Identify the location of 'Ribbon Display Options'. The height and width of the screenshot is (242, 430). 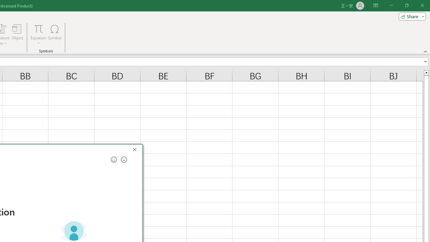
(375, 5).